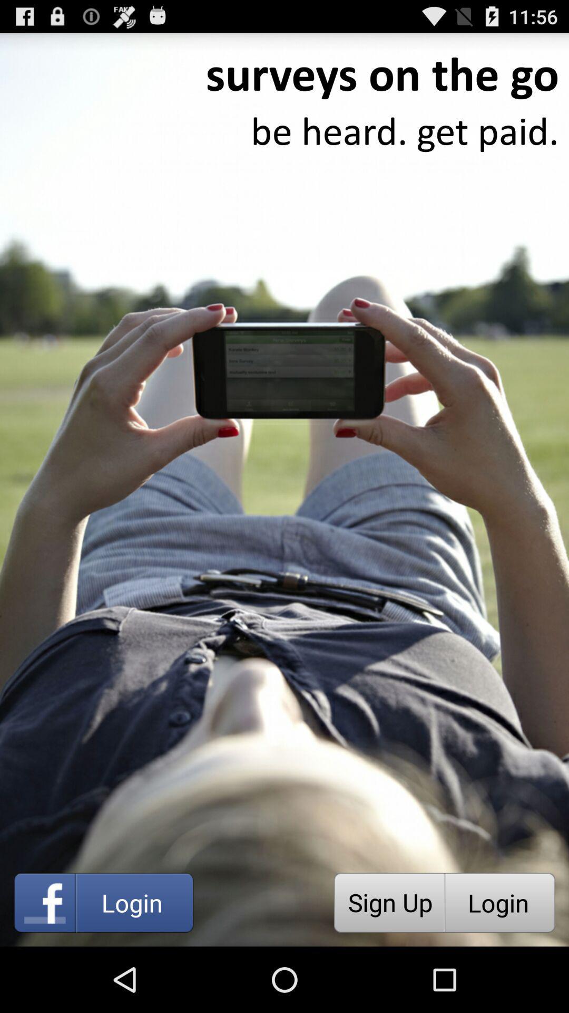 The height and width of the screenshot is (1013, 569). Describe the element at coordinates (389, 902) in the screenshot. I see `app below be heard get` at that location.